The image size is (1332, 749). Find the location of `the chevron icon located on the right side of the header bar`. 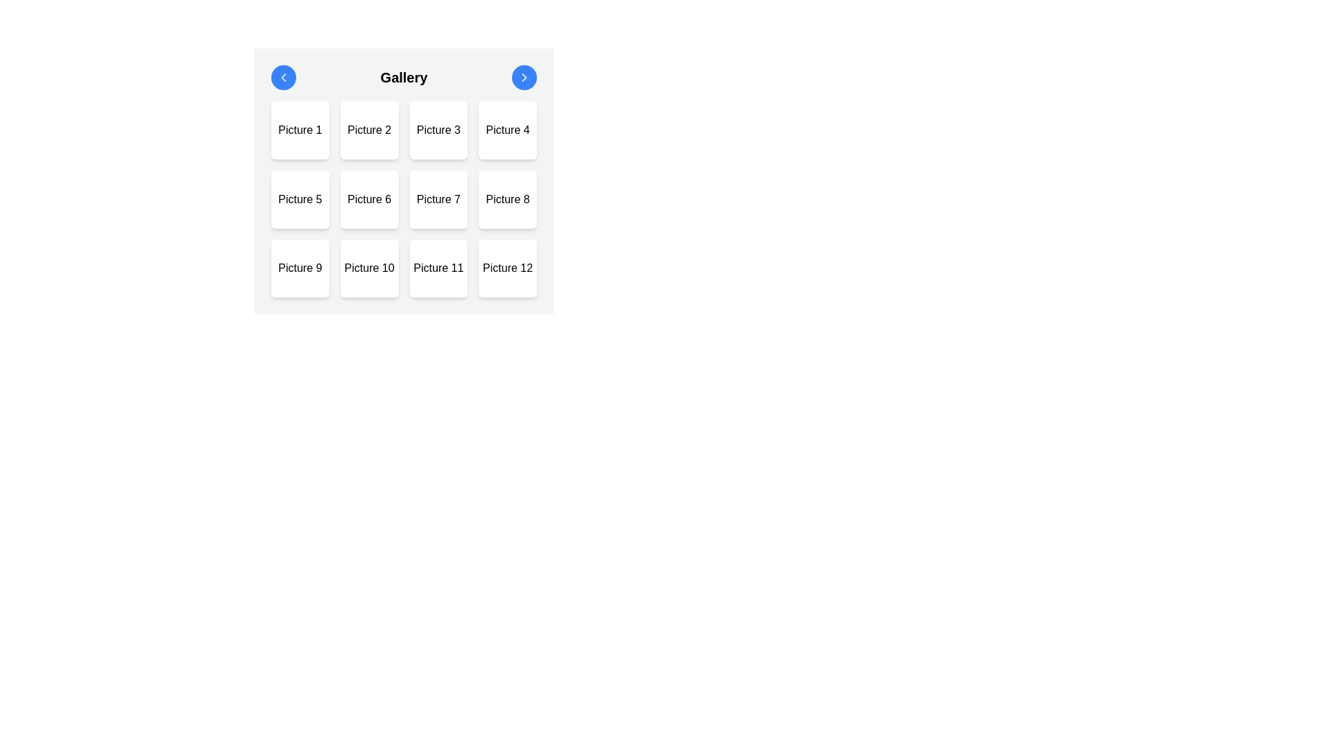

the chevron icon located on the right side of the header bar is located at coordinates (523, 77).